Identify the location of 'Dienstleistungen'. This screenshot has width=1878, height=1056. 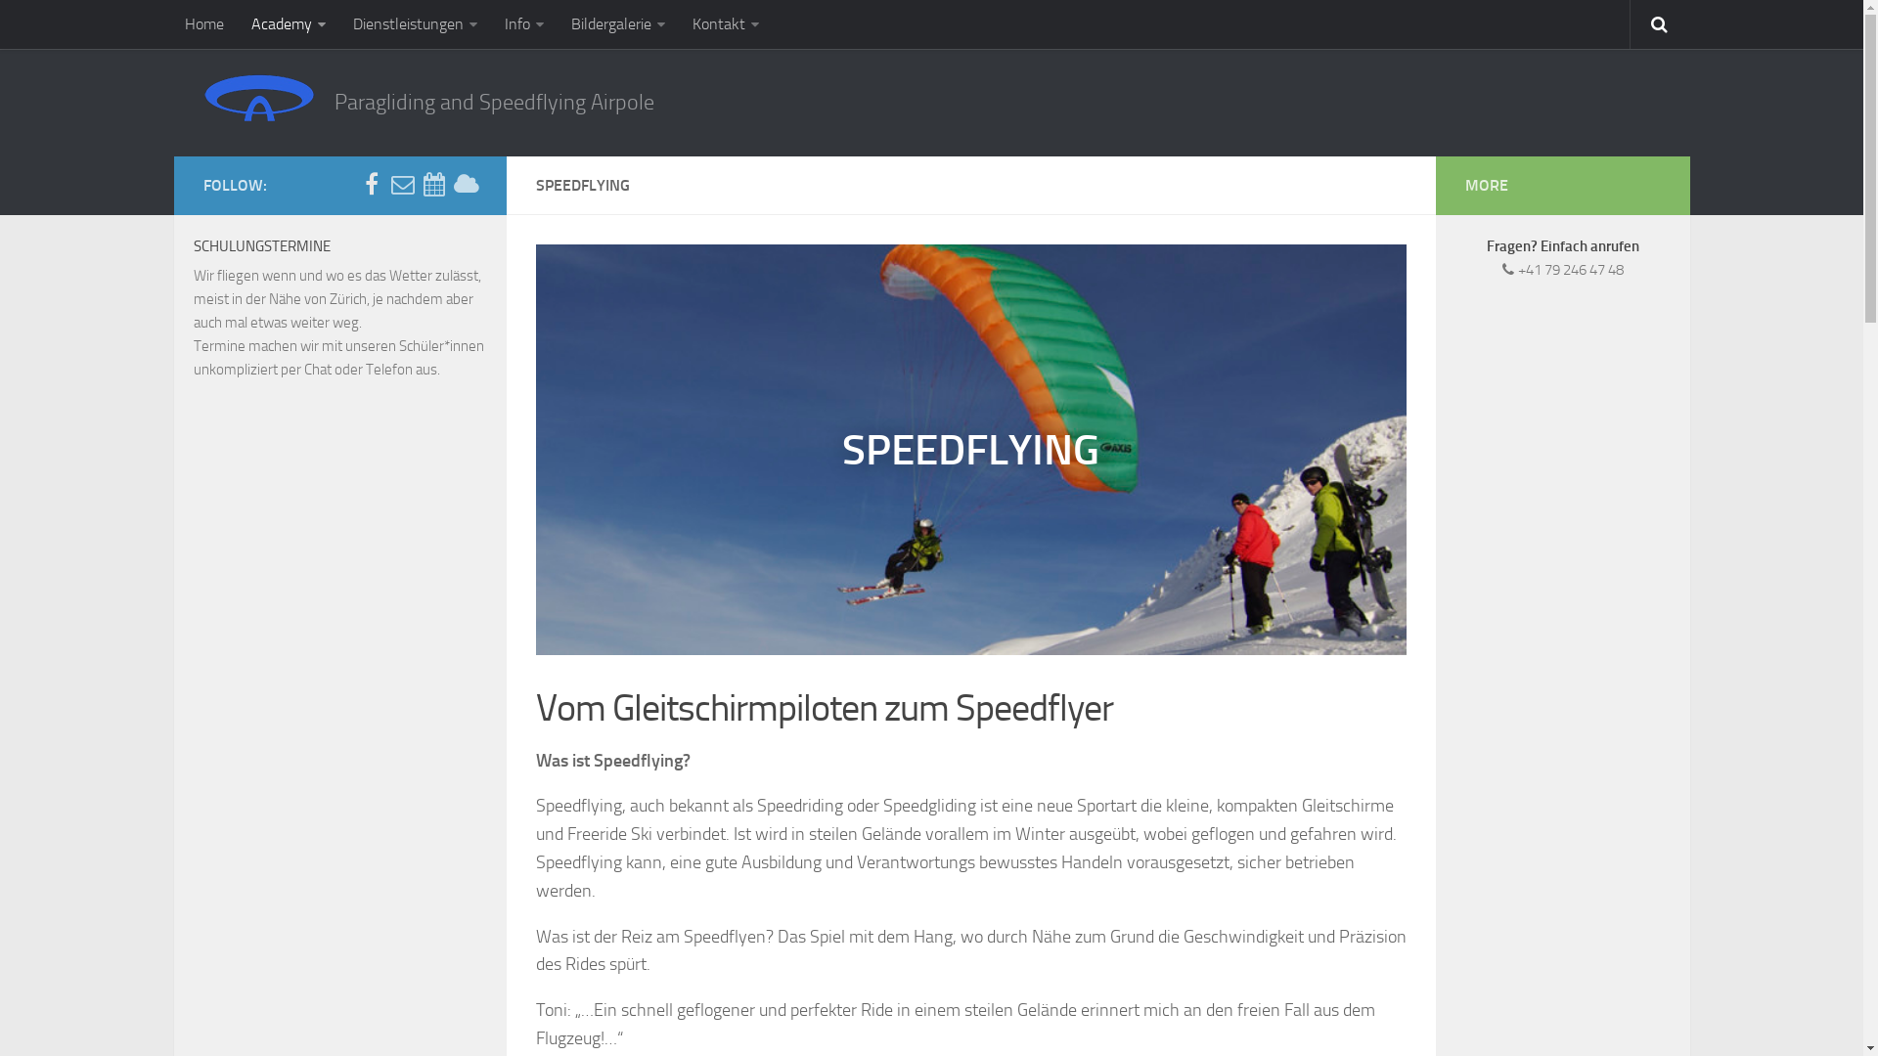
(414, 23).